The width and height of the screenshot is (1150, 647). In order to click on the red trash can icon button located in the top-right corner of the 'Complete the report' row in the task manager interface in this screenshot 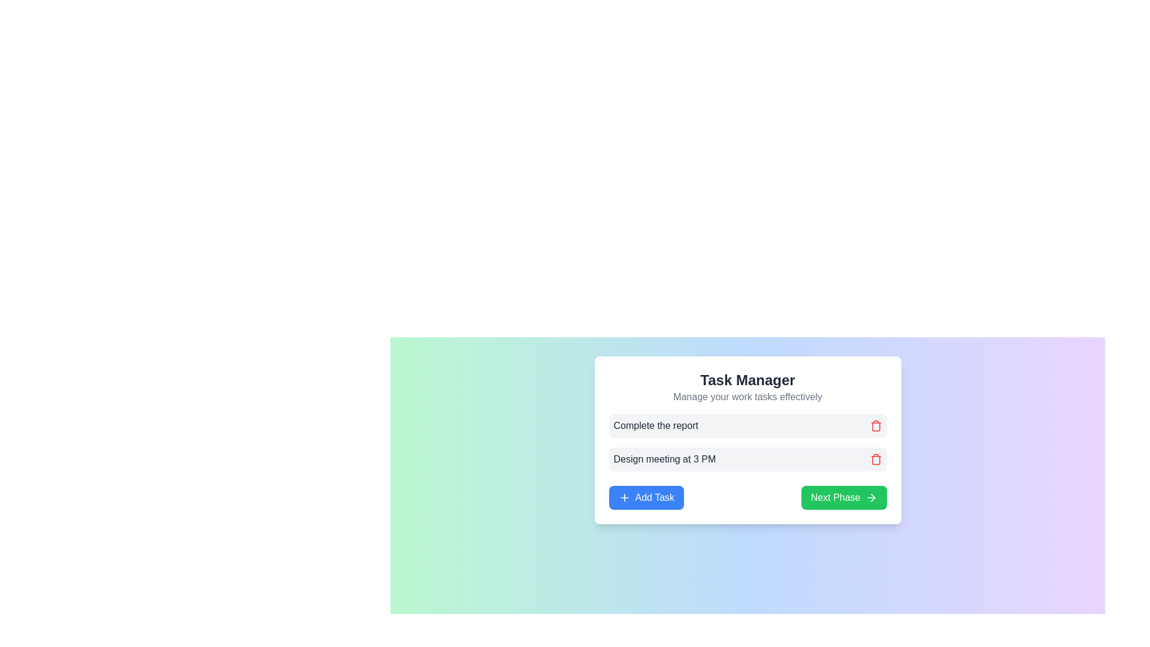, I will do `click(876, 425)`.